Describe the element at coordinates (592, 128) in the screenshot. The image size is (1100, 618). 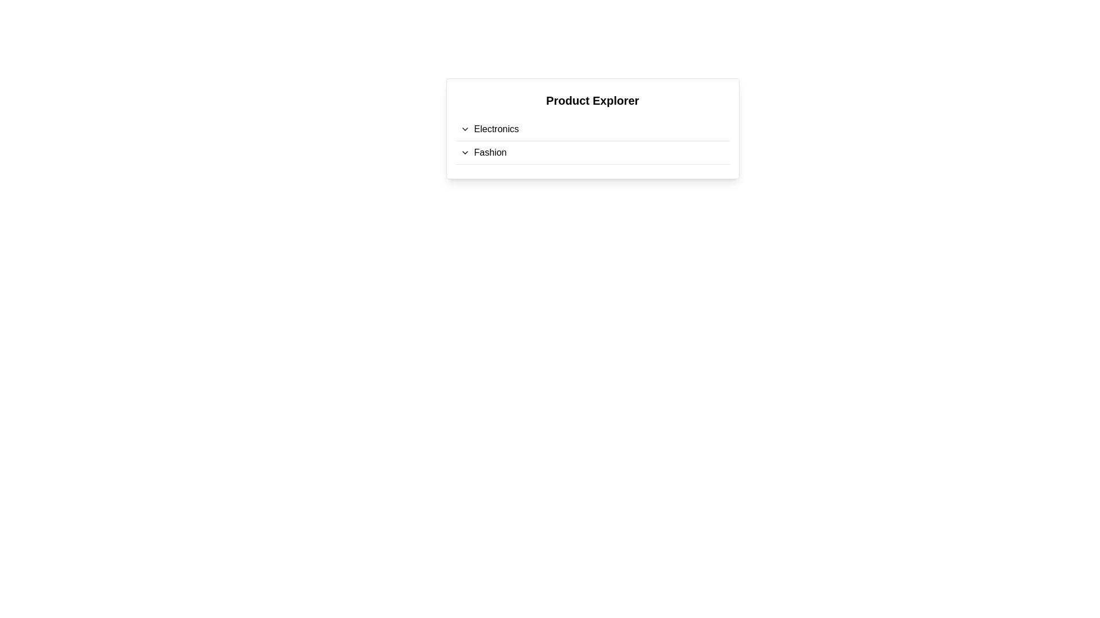
I see `the 'Product Explorer' category title within the bordered and shadowed rectangular card that contains interactive entries labeled 'Electronics' and 'Fashion'` at that location.